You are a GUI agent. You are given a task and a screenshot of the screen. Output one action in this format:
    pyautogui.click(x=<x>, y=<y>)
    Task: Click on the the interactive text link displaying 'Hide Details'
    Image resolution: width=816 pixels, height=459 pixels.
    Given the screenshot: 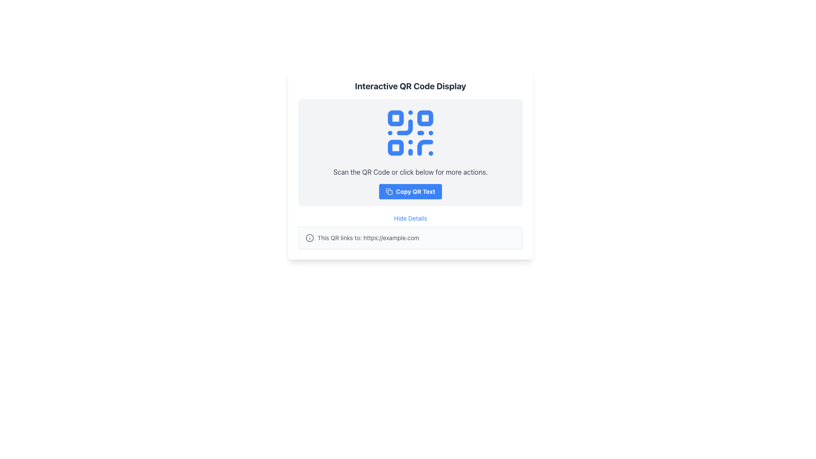 What is the action you would take?
    pyautogui.click(x=410, y=218)
    